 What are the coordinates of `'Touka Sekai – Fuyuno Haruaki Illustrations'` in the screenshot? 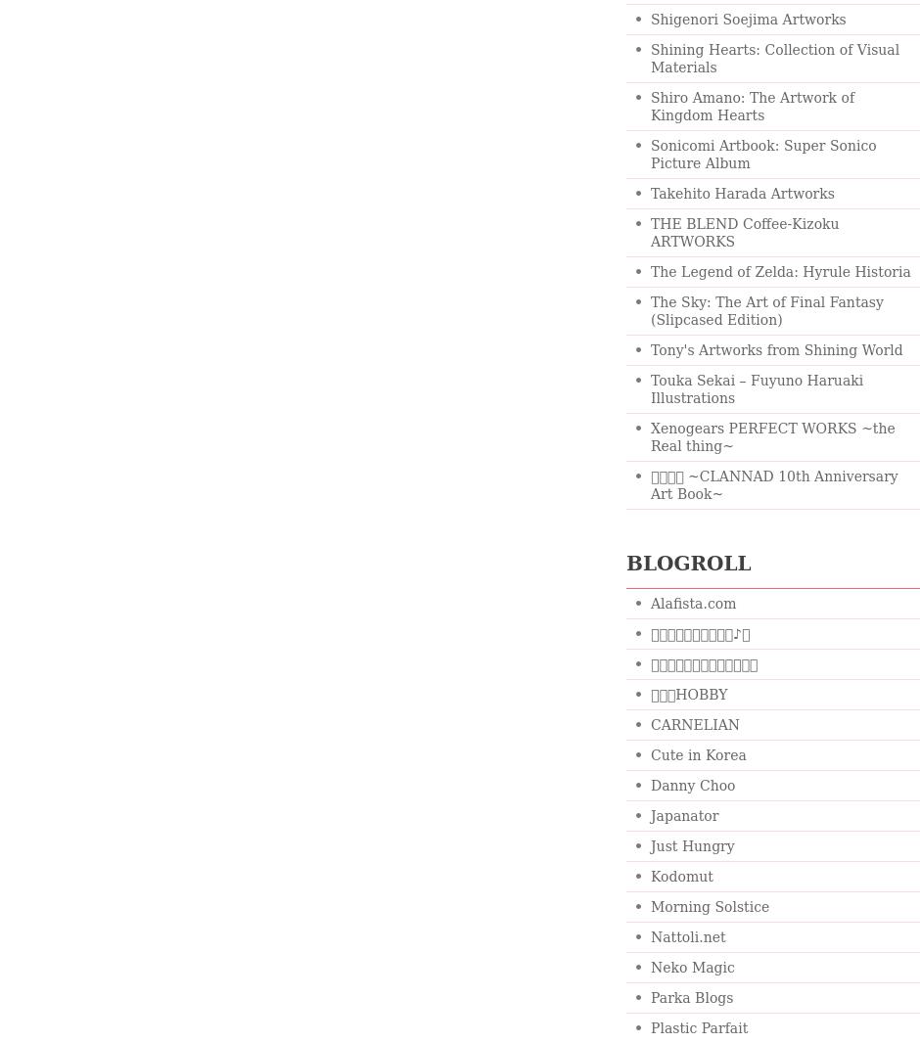 It's located at (756, 389).